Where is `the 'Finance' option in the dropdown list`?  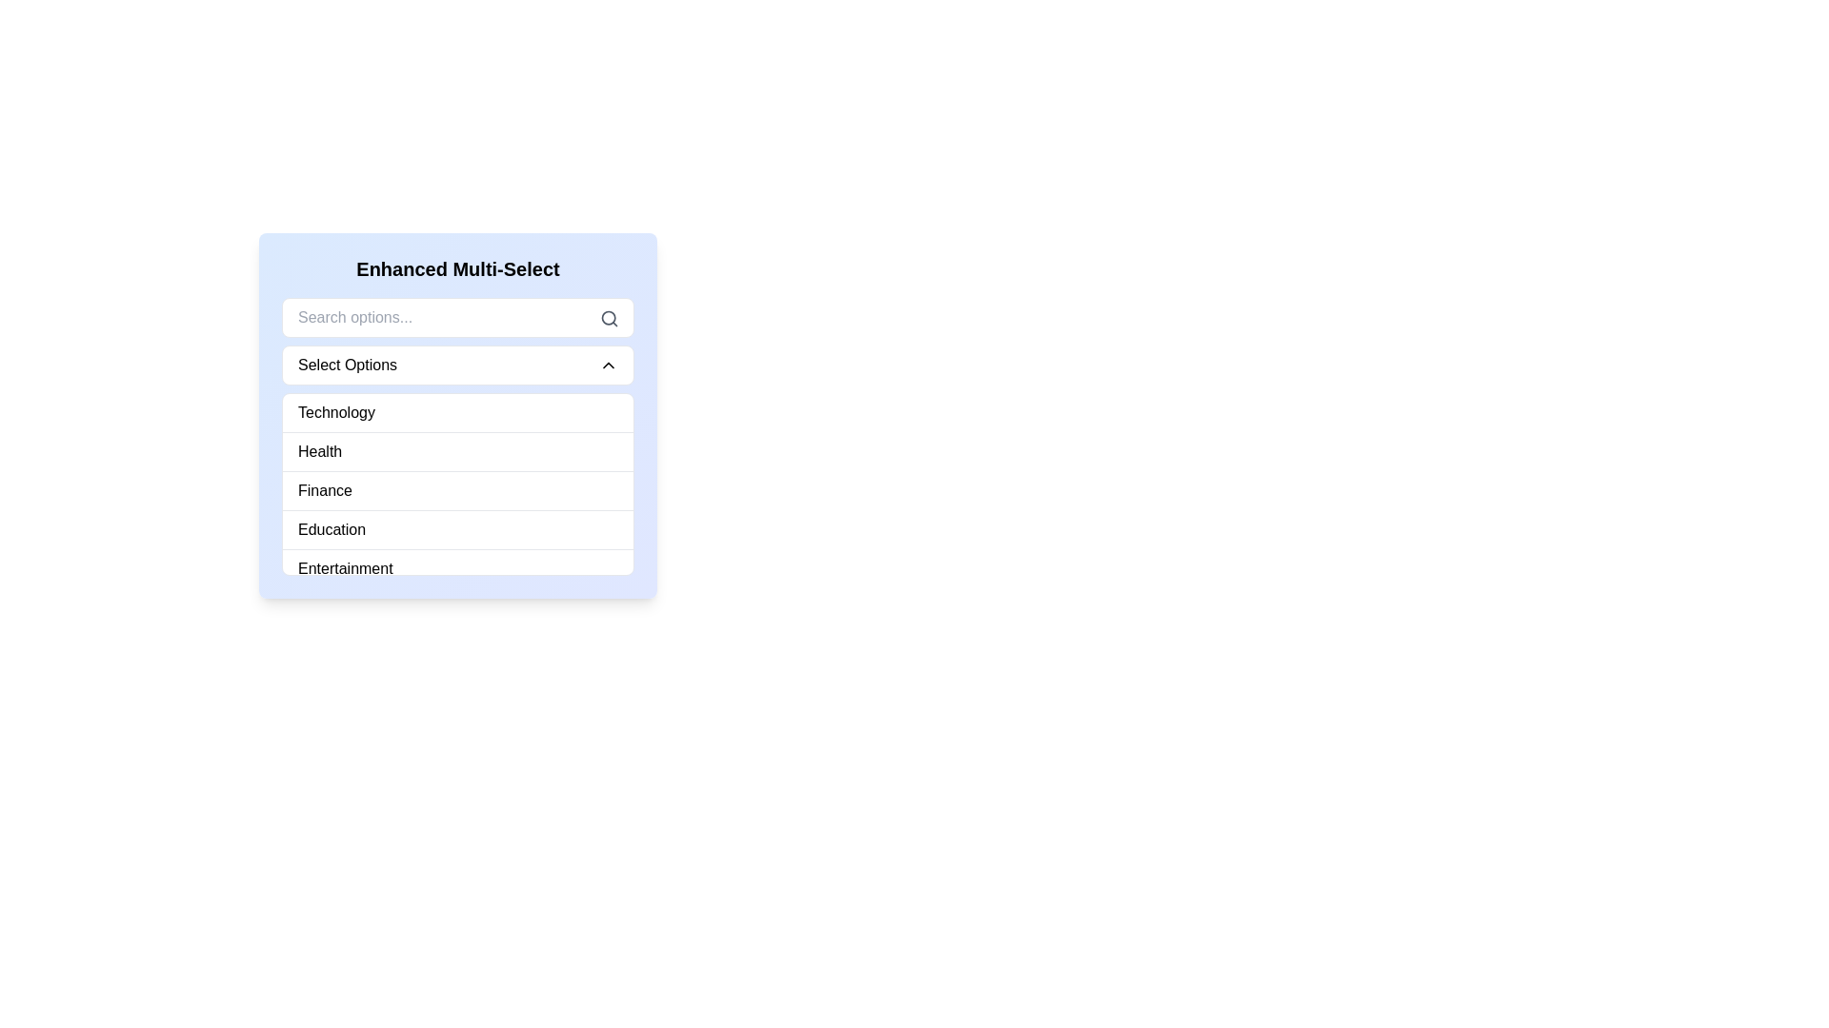
the 'Finance' option in the dropdown list is located at coordinates (457, 489).